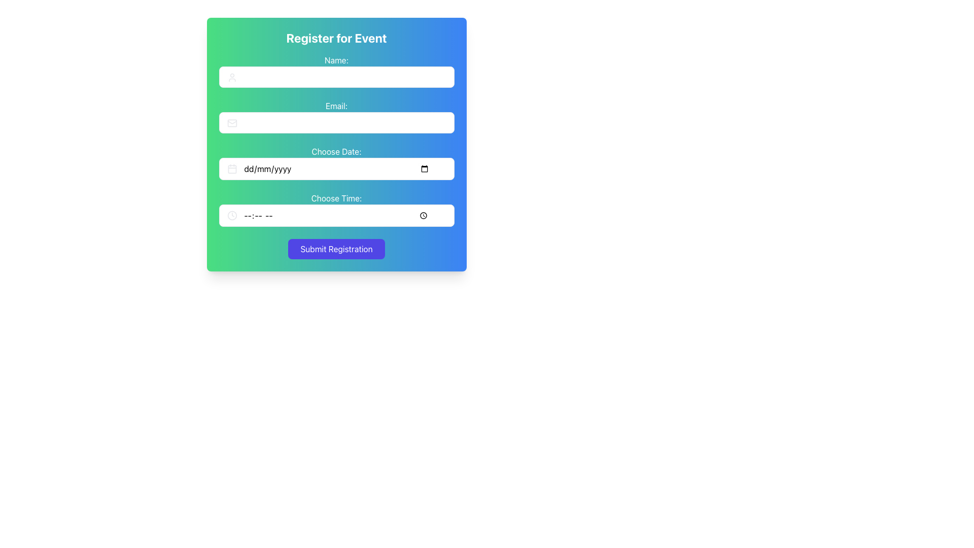  Describe the element at coordinates (336, 249) in the screenshot. I see `the submission button located at the bottom of the form, directly beneath the 'Choose Time' input field` at that location.